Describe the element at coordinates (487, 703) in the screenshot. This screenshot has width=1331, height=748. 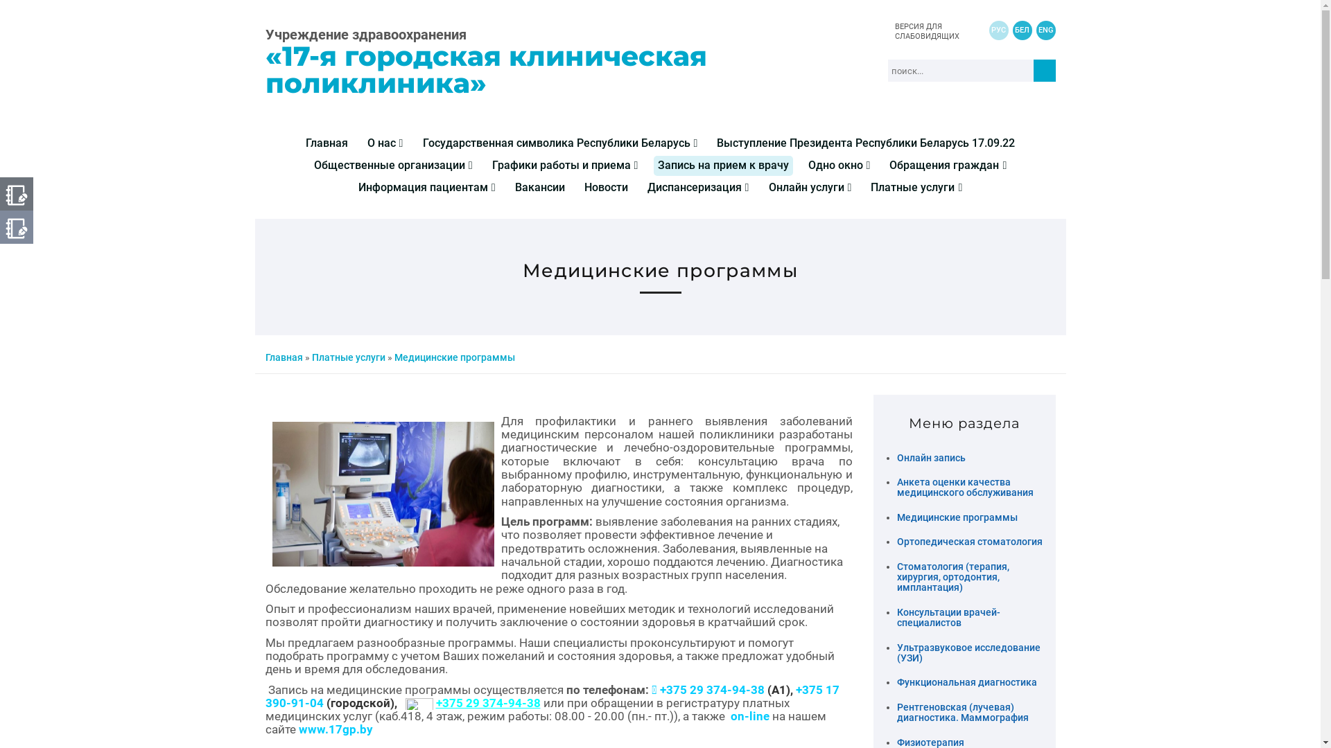
I see `'+375 29 374-94-38'` at that location.